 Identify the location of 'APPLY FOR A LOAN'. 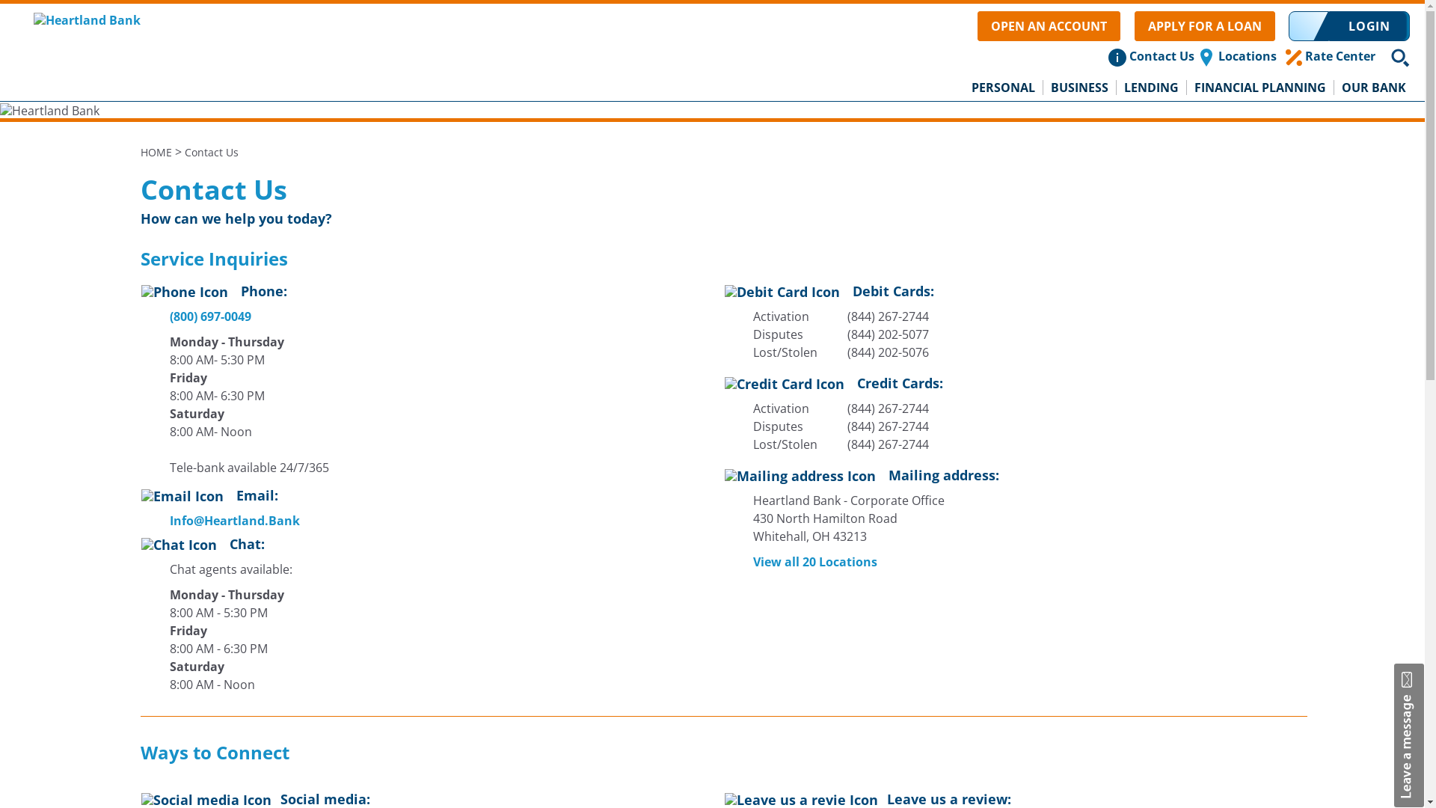
(1205, 25).